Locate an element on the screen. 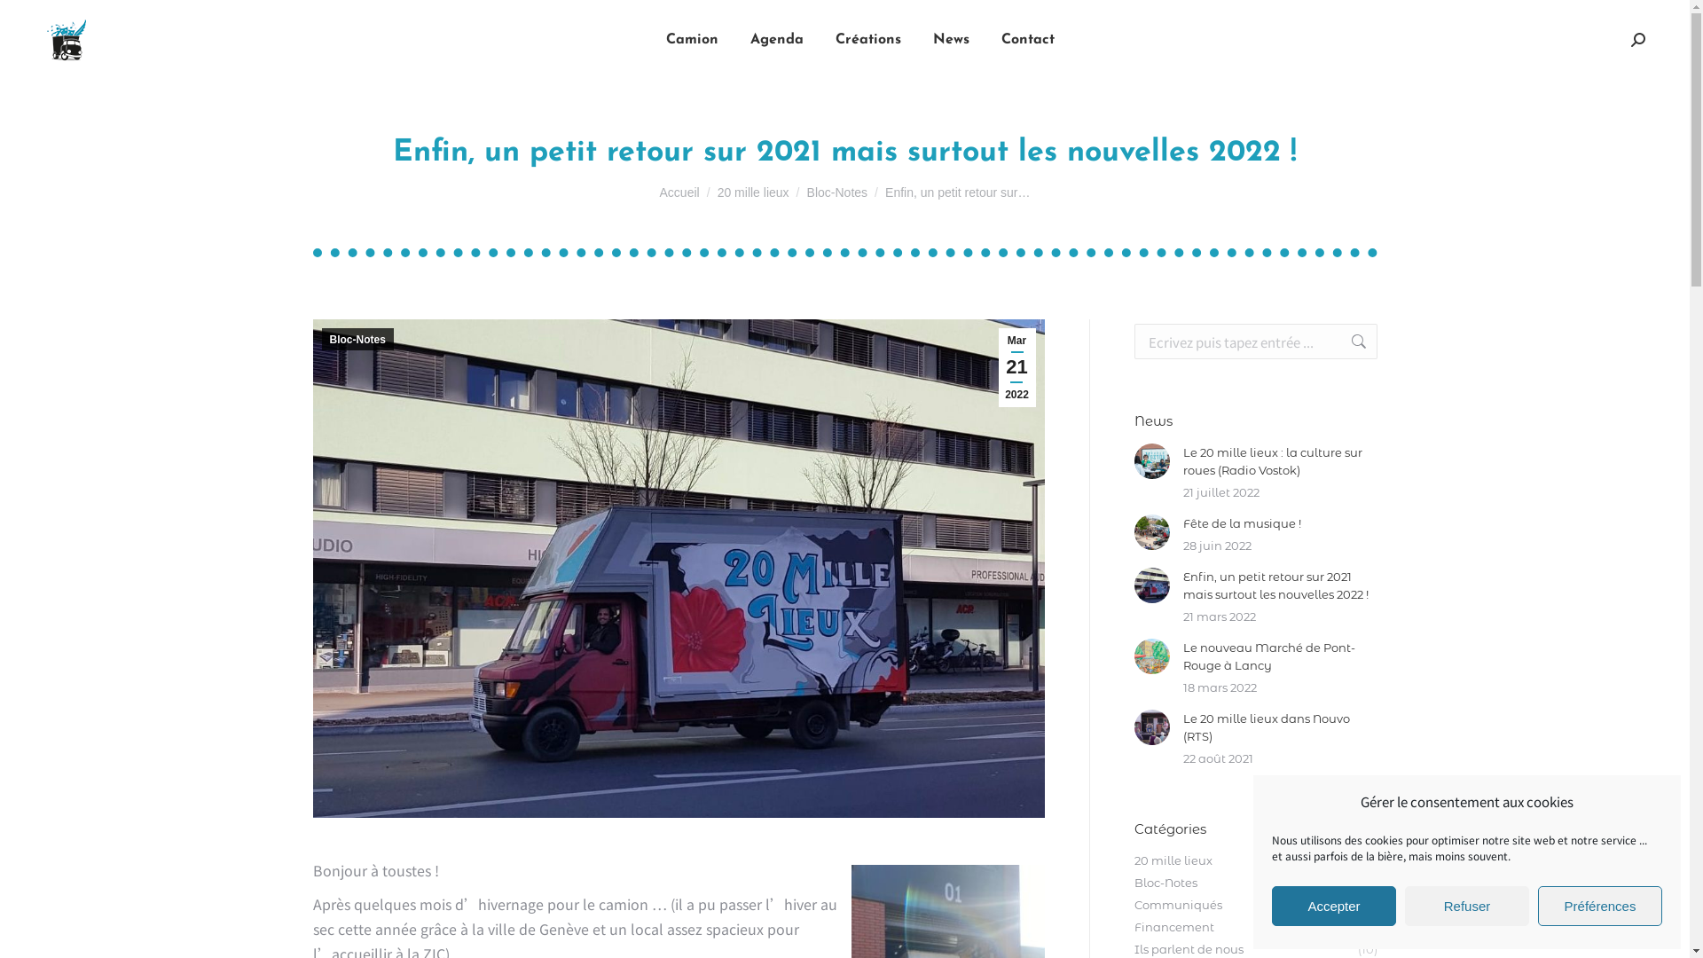 The width and height of the screenshot is (1703, 958). 'Refuser' is located at coordinates (1467, 906).